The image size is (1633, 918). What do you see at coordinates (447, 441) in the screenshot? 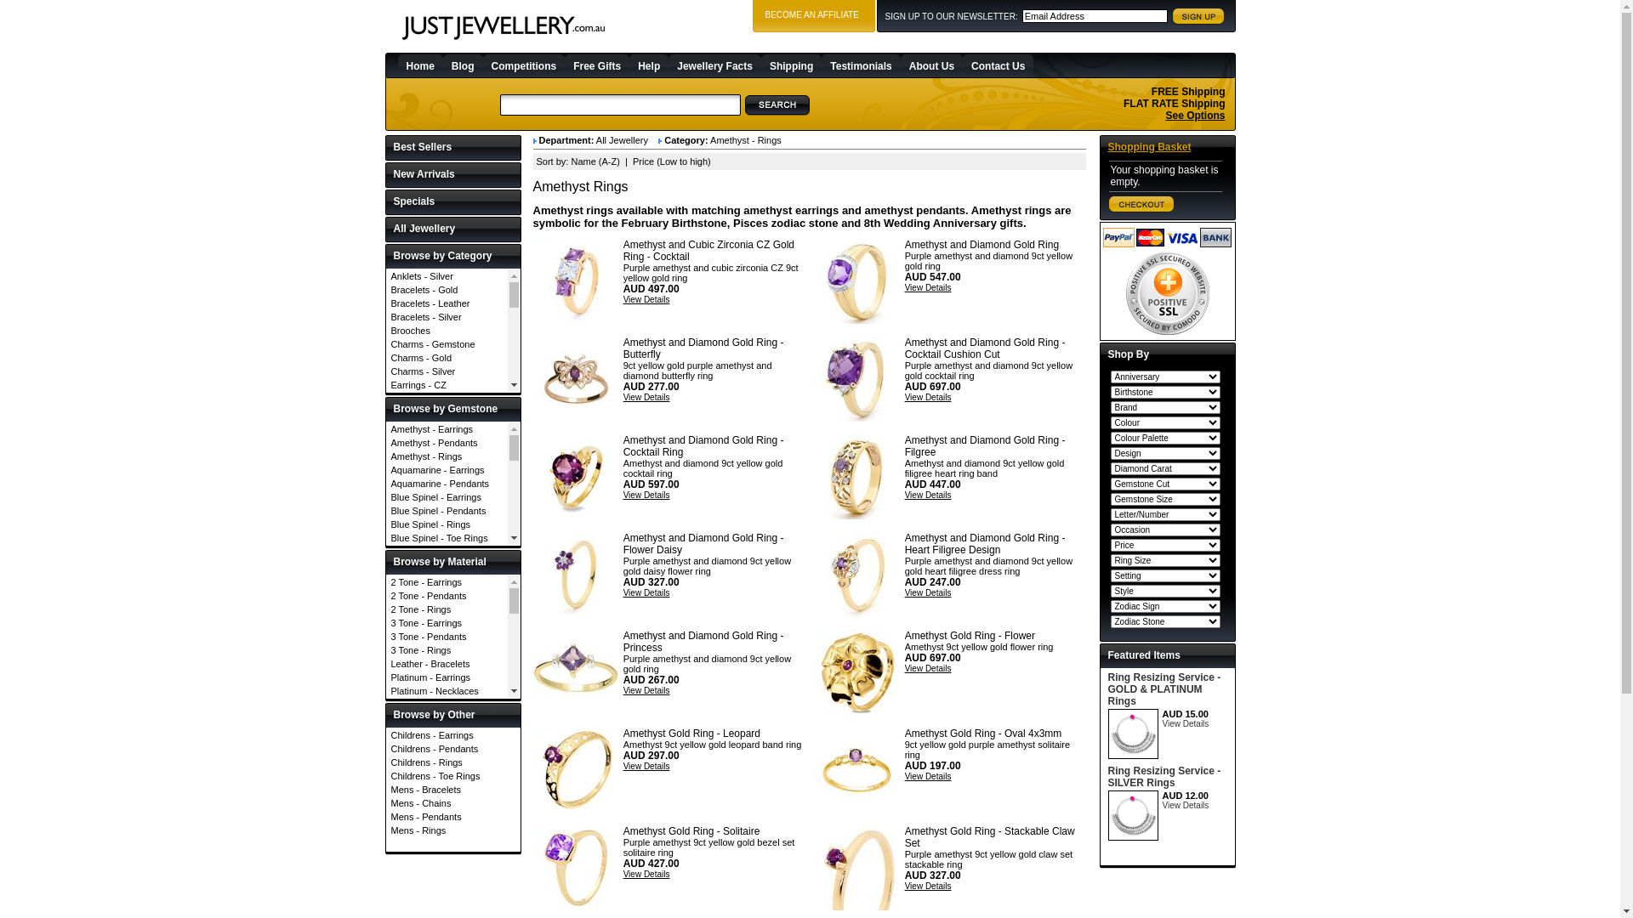
I see `'Amethyst - Pendants'` at bounding box center [447, 441].